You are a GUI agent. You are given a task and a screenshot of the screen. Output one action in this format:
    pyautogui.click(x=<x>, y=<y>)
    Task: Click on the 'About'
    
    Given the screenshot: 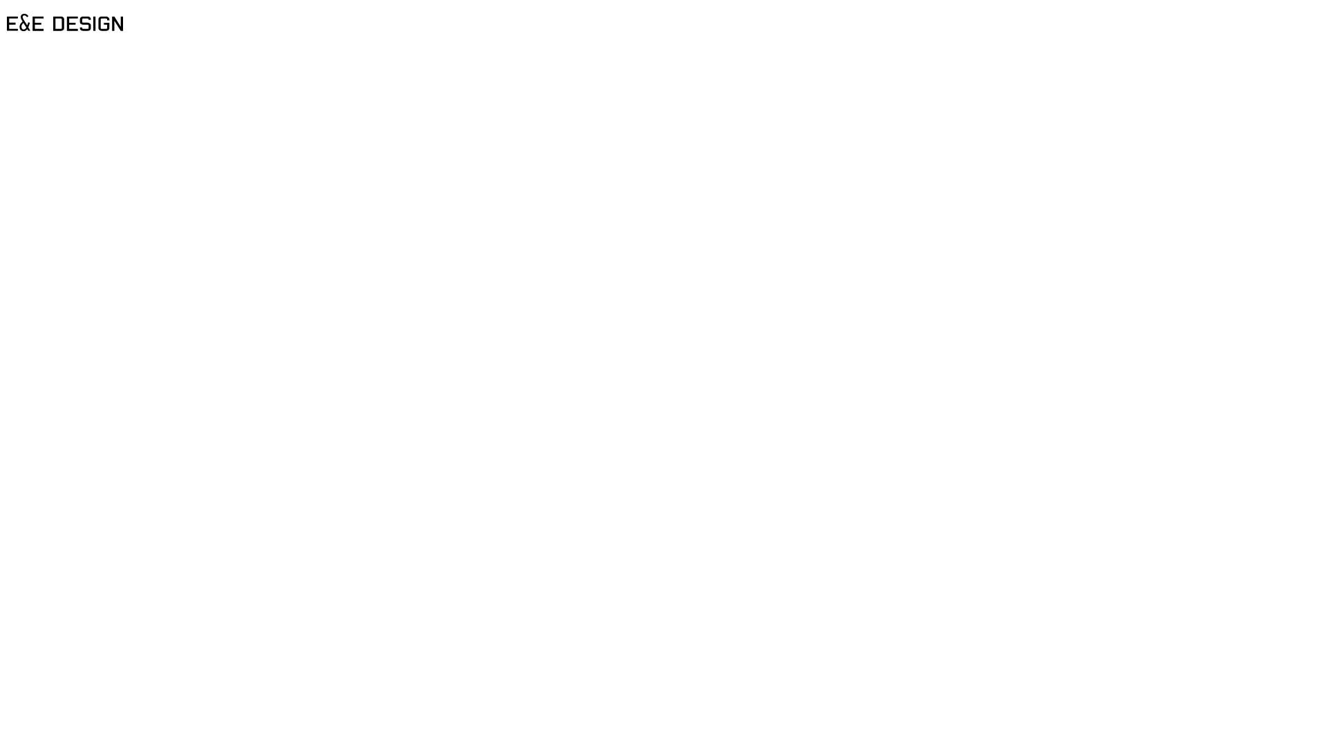 What is the action you would take?
    pyautogui.click(x=663, y=46)
    